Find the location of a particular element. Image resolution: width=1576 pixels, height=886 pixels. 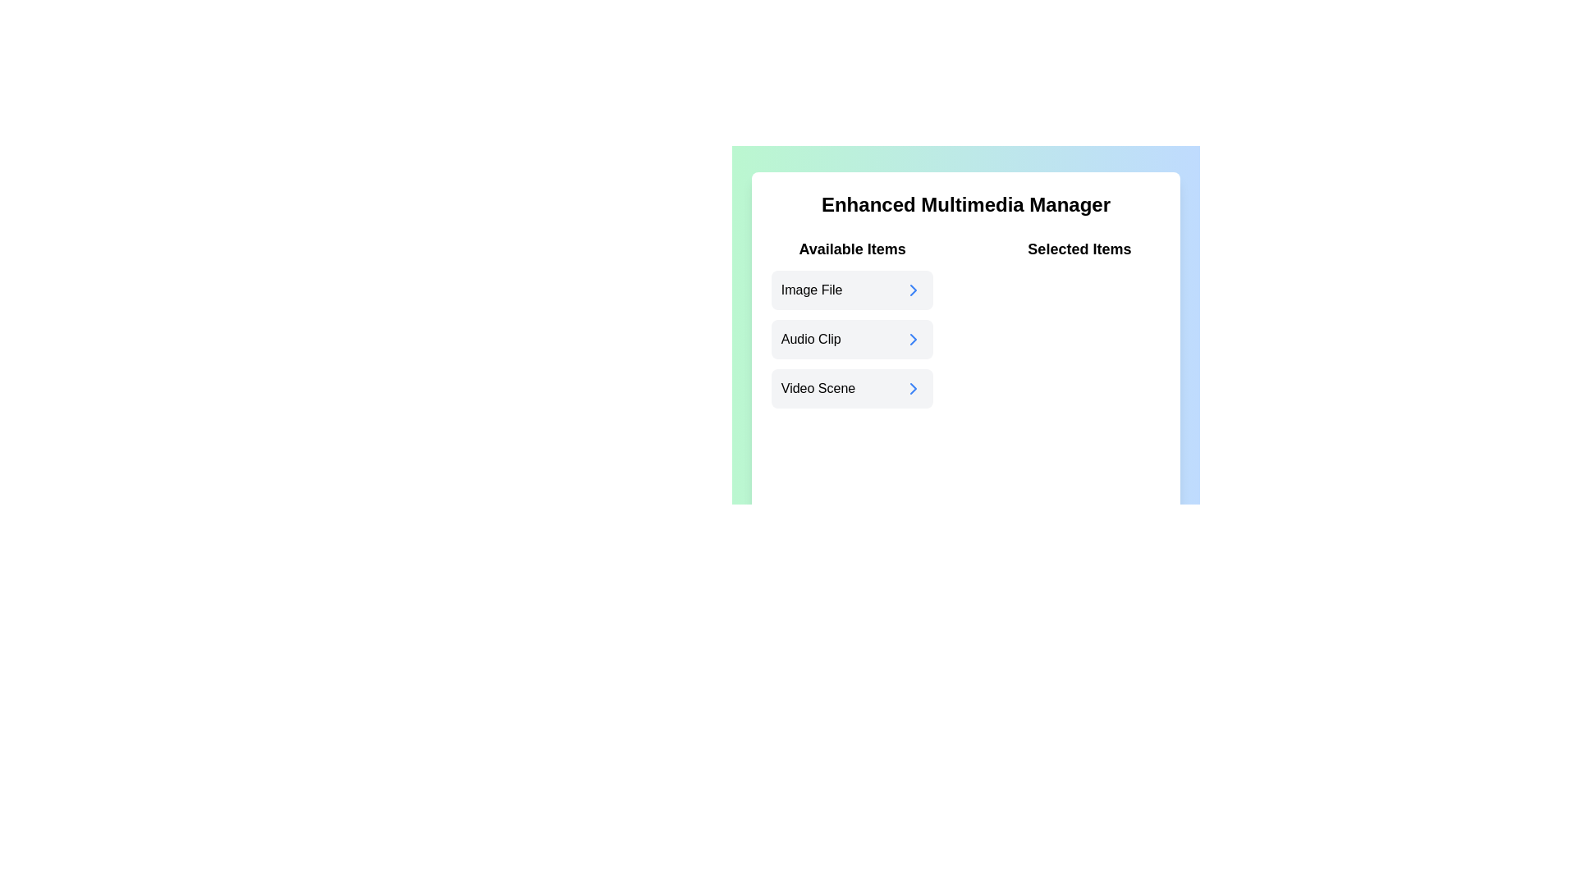

the right-pointing chevron icon is located at coordinates (913, 389).